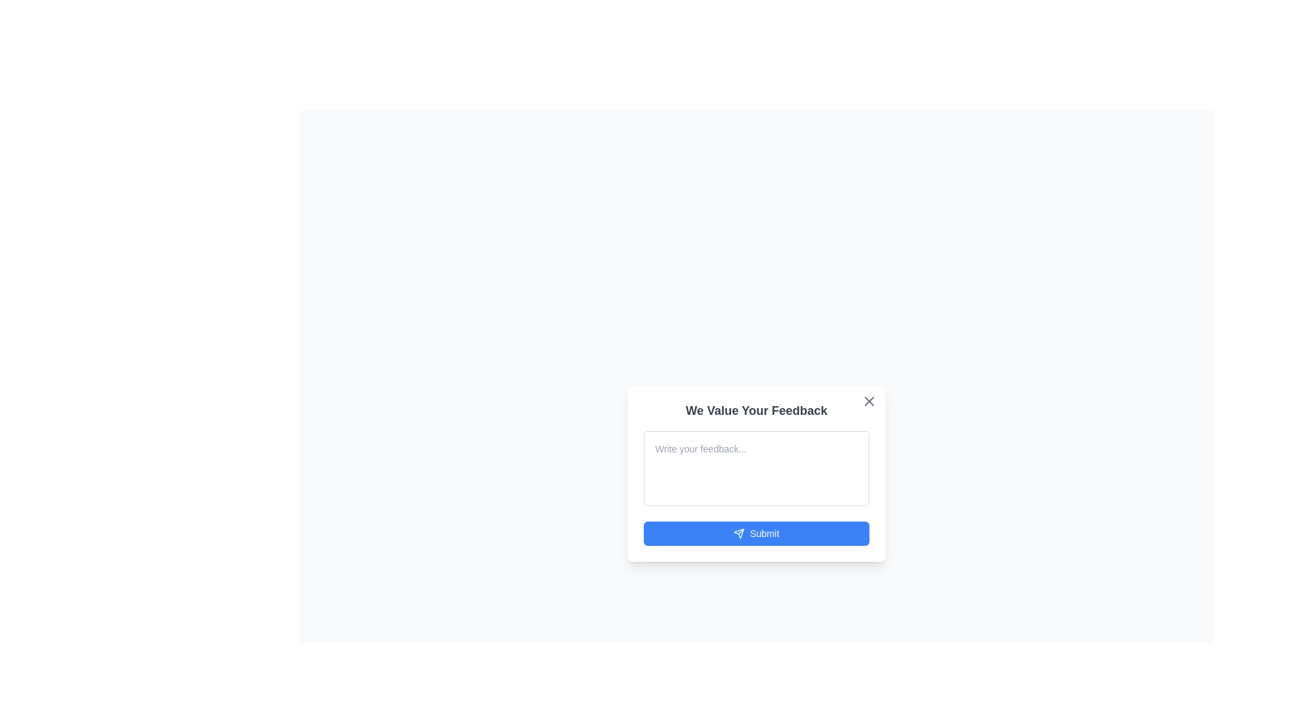  What do you see at coordinates (869, 400) in the screenshot?
I see `the Close button (X icon) in the top-right corner of the 'We Value Your Feedback' modal` at bounding box center [869, 400].